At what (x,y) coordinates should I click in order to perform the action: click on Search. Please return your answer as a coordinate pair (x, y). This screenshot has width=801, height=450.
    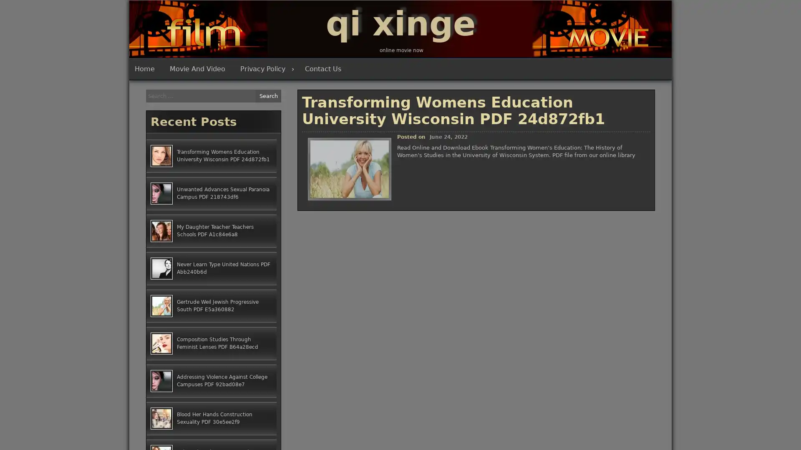
    Looking at the image, I should click on (268, 95).